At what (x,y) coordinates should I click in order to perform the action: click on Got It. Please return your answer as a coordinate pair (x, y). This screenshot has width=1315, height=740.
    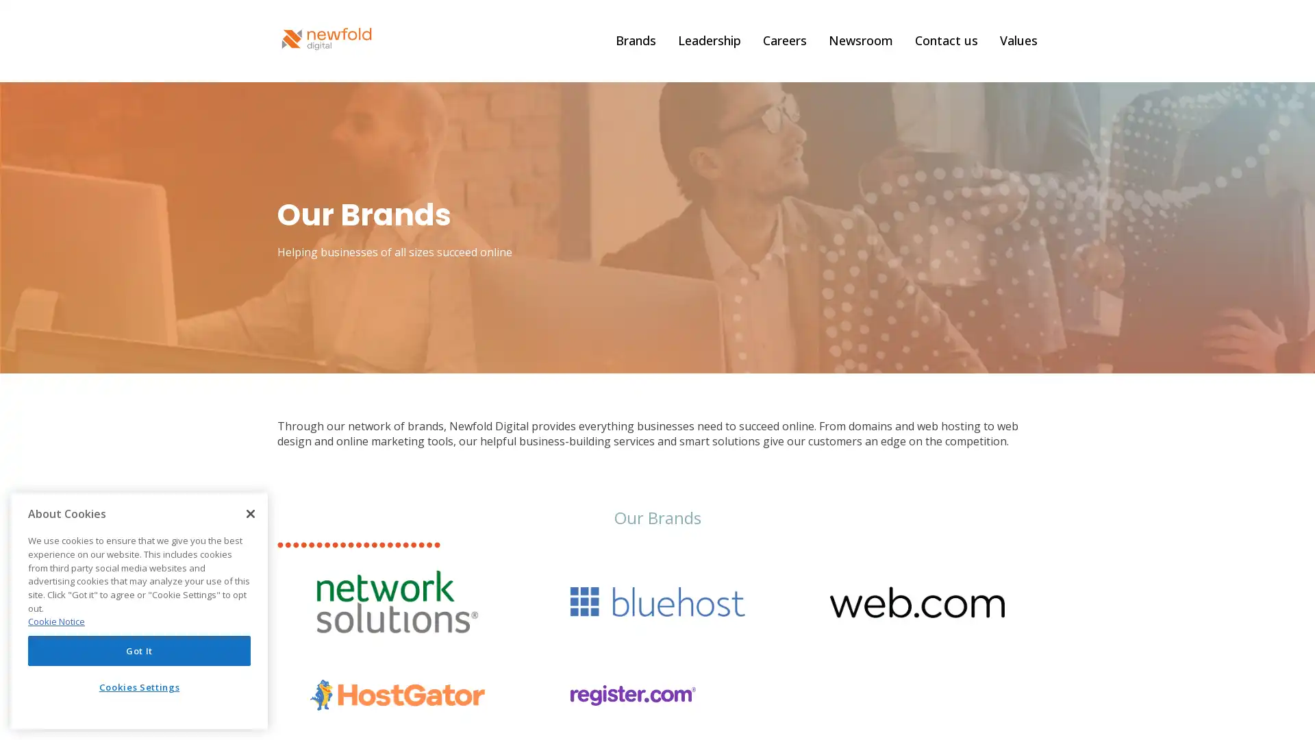
    Looking at the image, I should click on (139, 650).